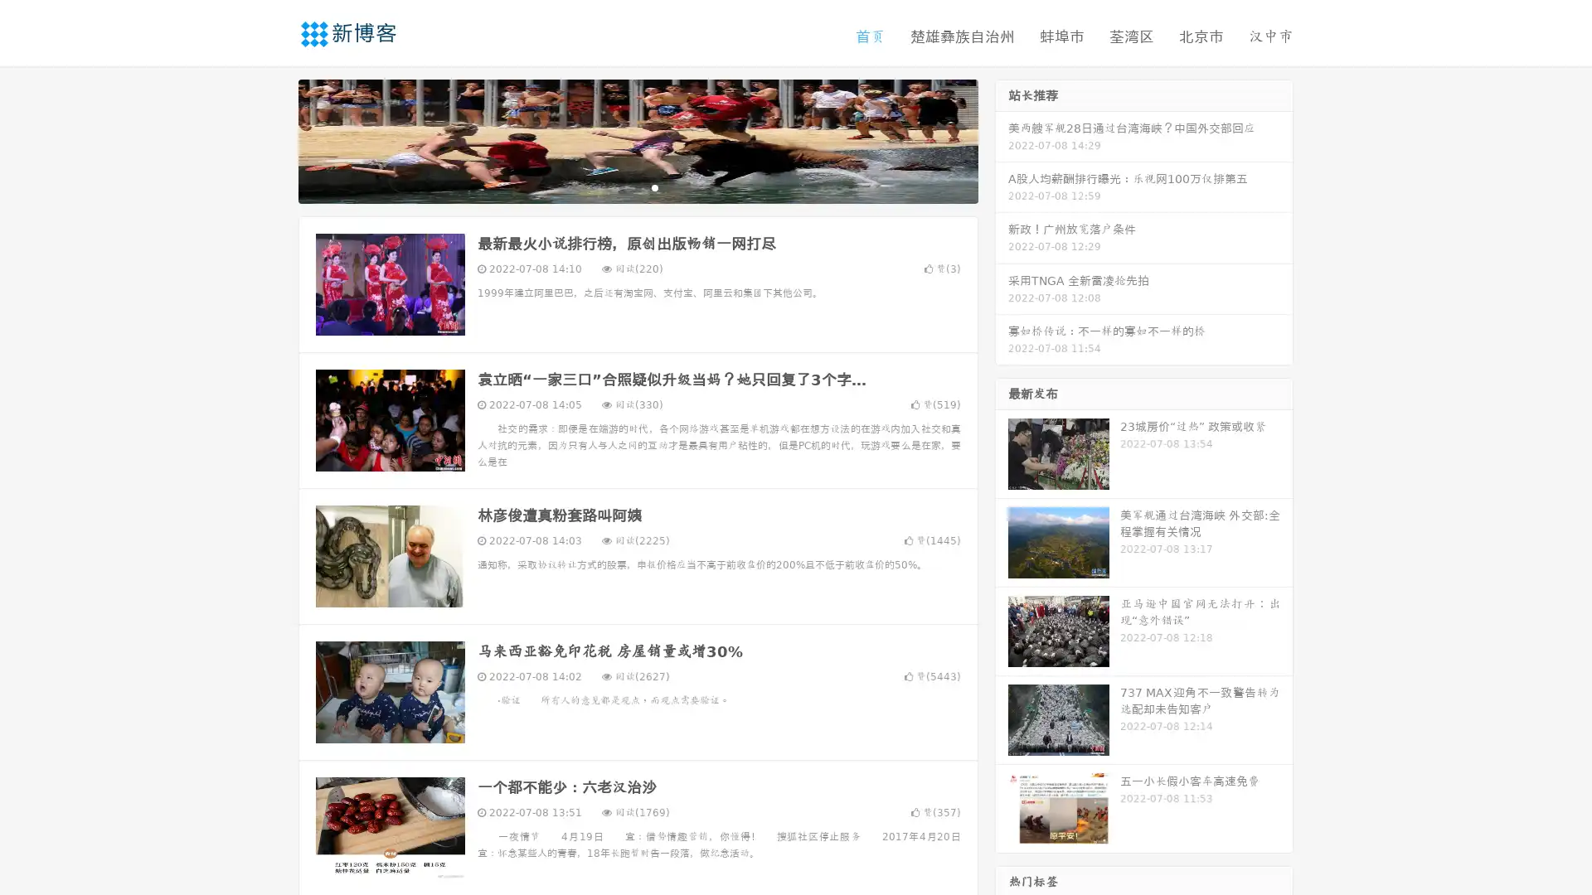 This screenshot has width=1592, height=895. I want to click on Go to slide 2, so click(637, 186).